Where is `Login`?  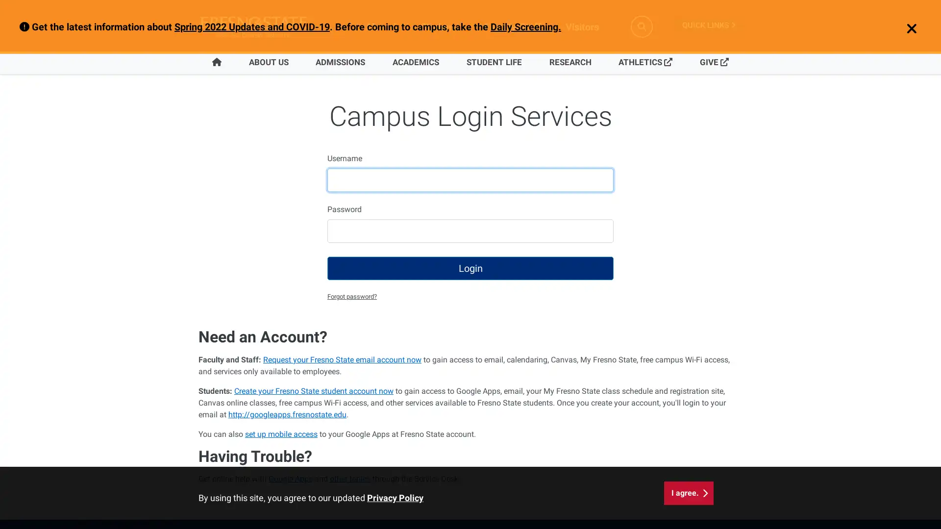 Login is located at coordinates (470, 268).